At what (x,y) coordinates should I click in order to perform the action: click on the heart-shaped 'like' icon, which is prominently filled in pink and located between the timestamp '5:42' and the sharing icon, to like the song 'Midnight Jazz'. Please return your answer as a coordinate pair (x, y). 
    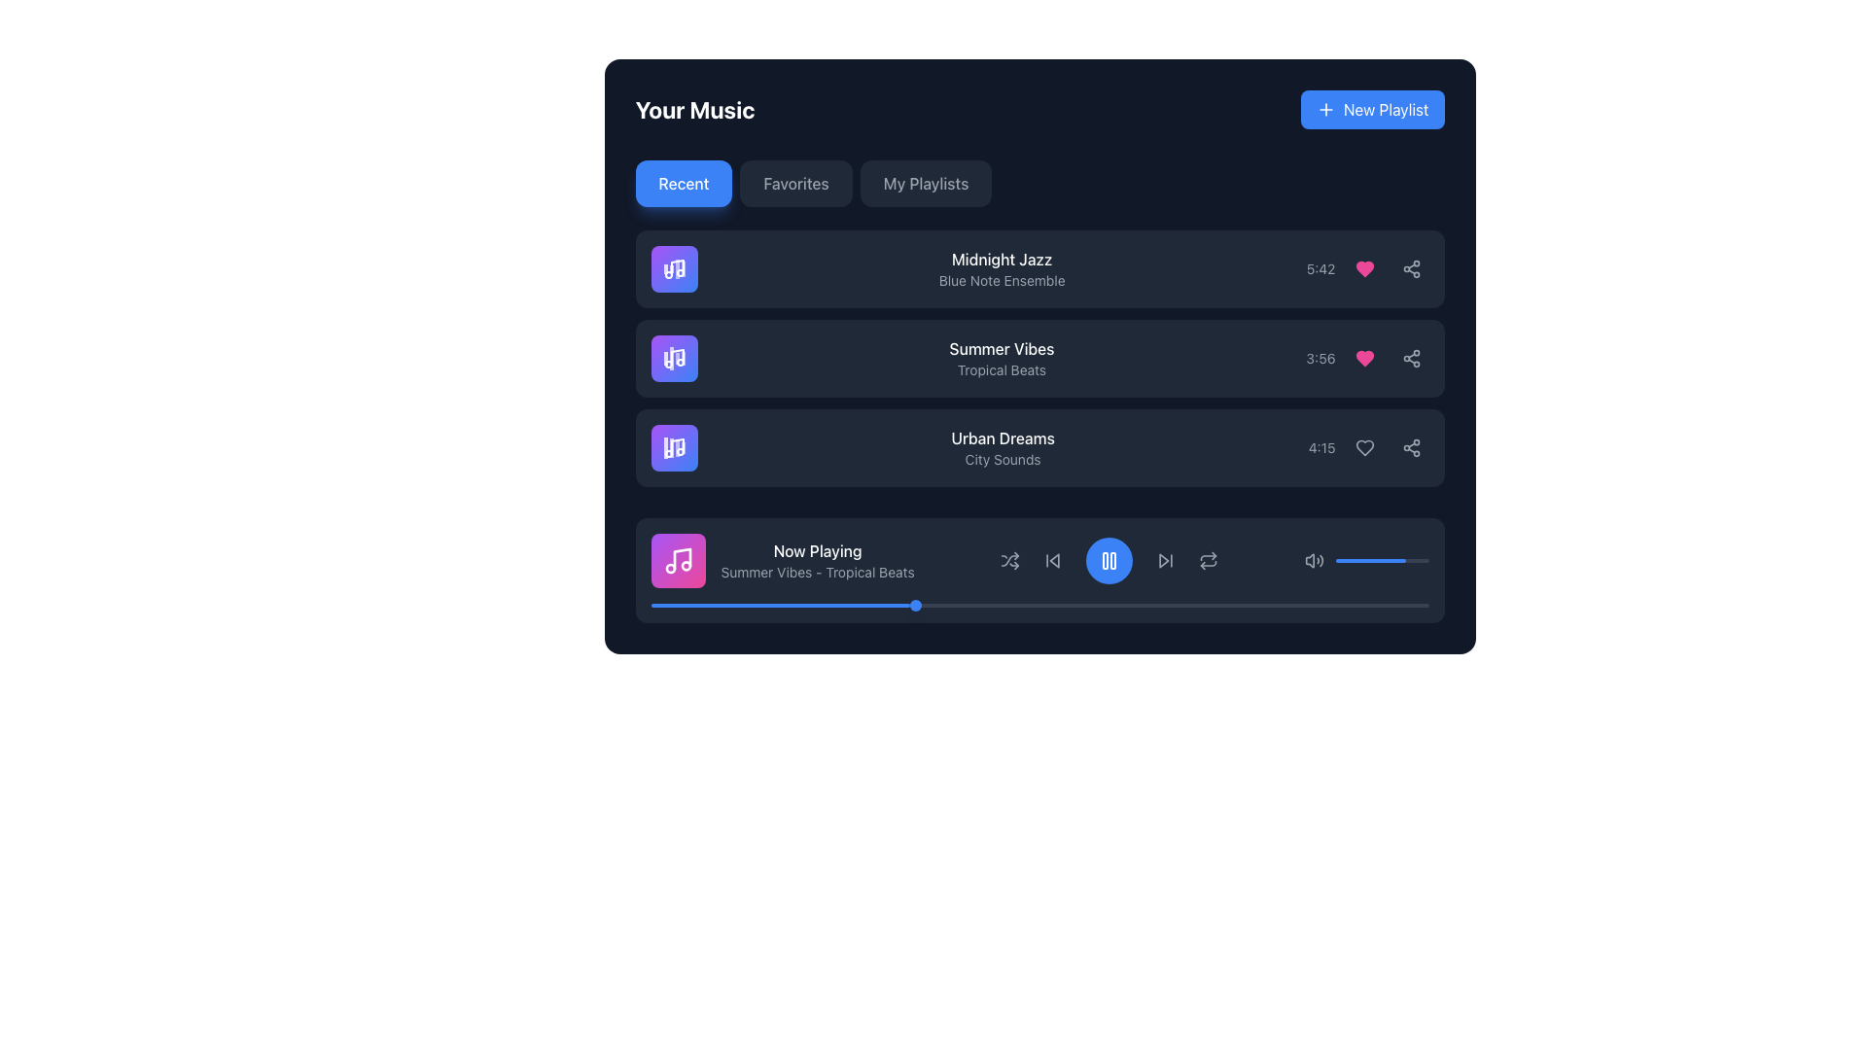
    Looking at the image, I should click on (1366, 269).